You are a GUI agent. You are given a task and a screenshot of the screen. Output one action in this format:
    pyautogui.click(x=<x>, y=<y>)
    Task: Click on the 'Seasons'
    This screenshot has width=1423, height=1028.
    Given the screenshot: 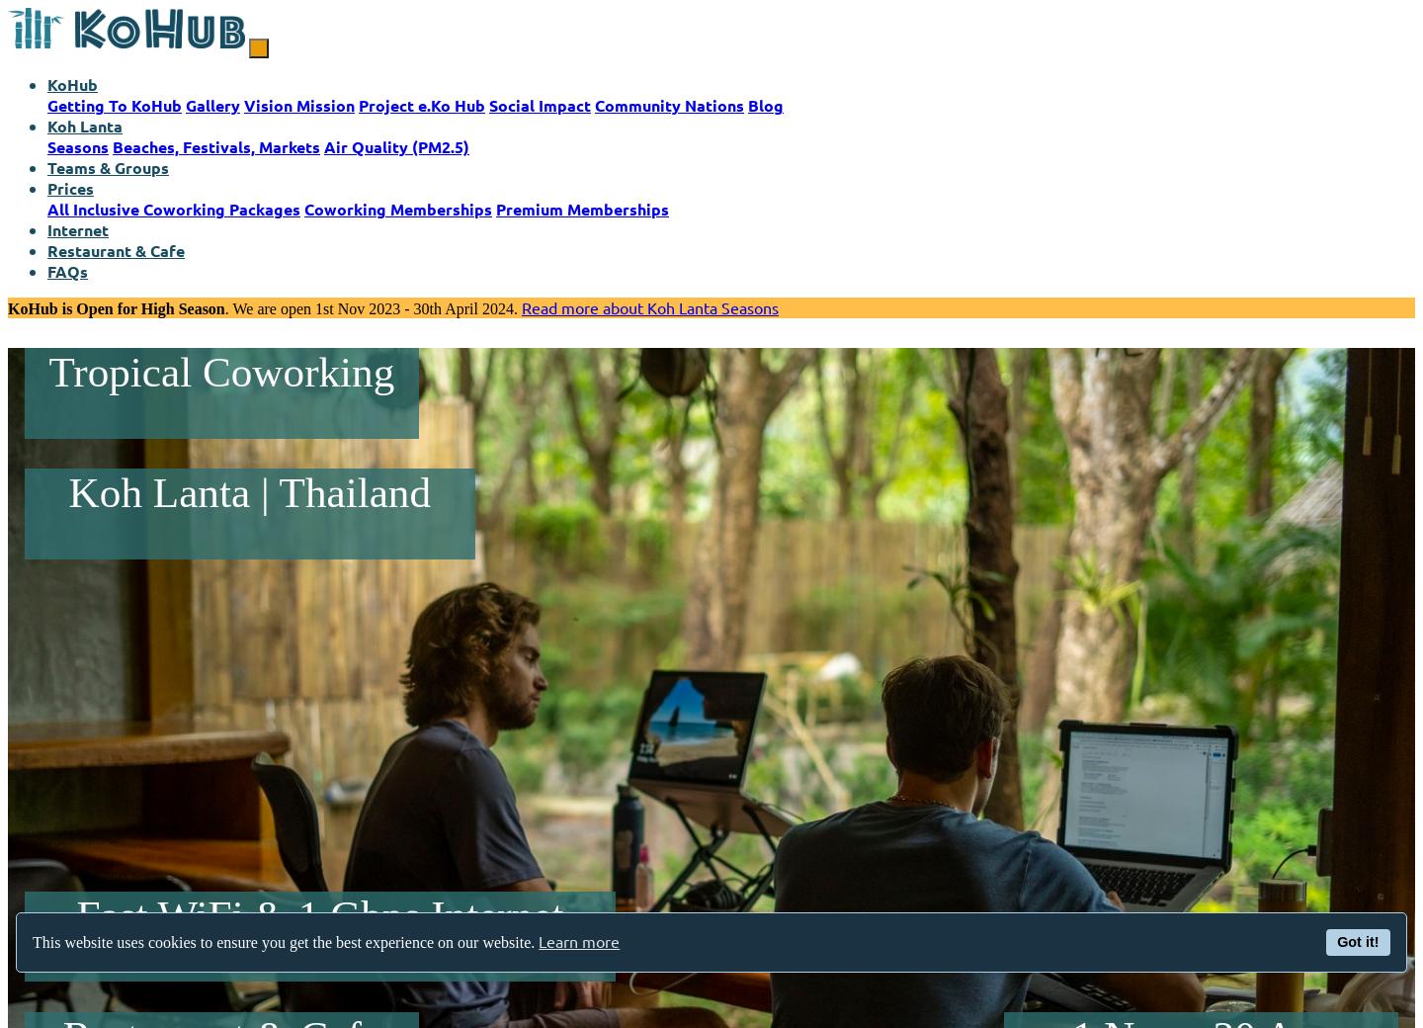 What is the action you would take?
    pyautogui.click(x=78, y=146)
    